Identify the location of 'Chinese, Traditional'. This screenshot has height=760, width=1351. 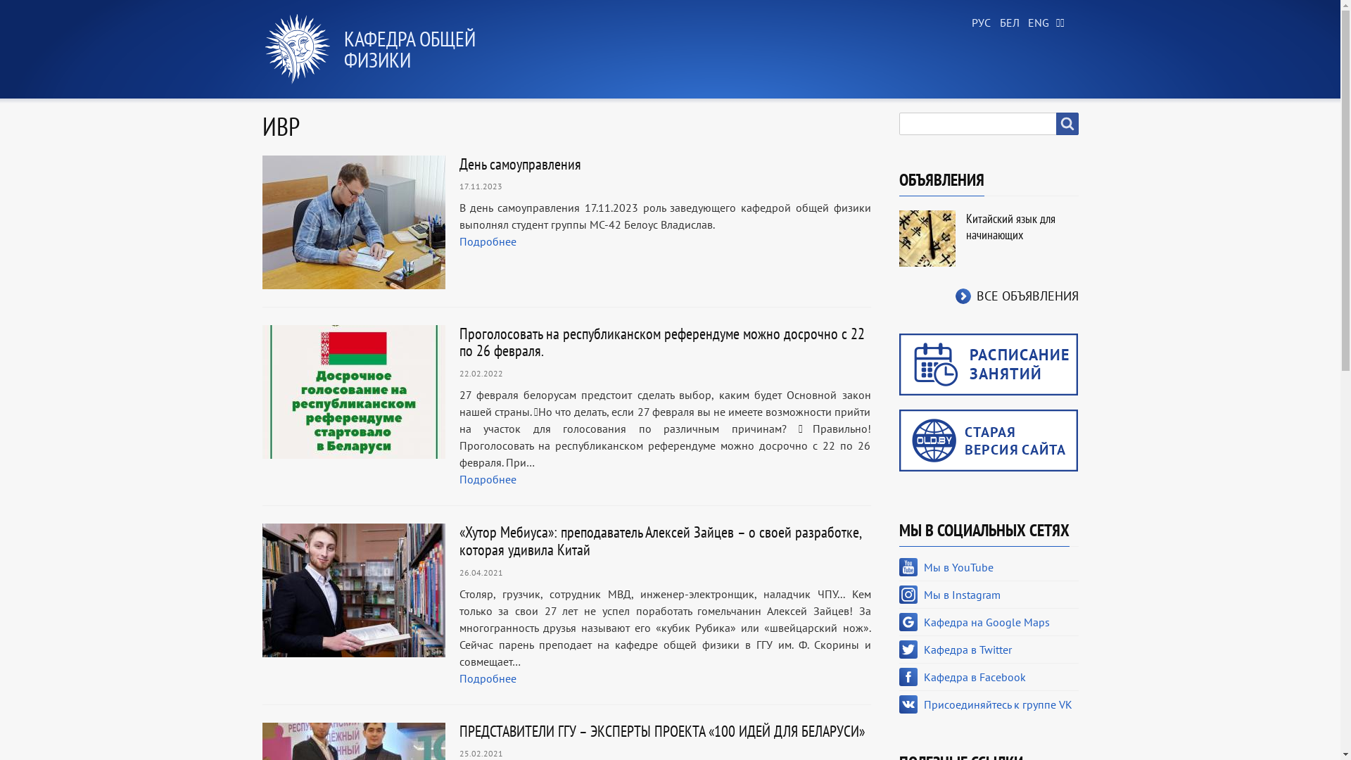
(1064, 23).